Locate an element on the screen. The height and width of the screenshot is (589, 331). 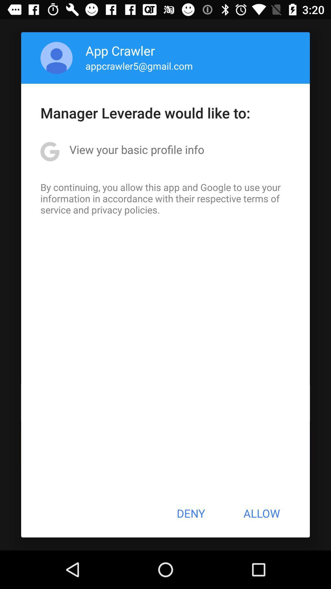
app above the manager leverade would is located at coordinates (139, 66).